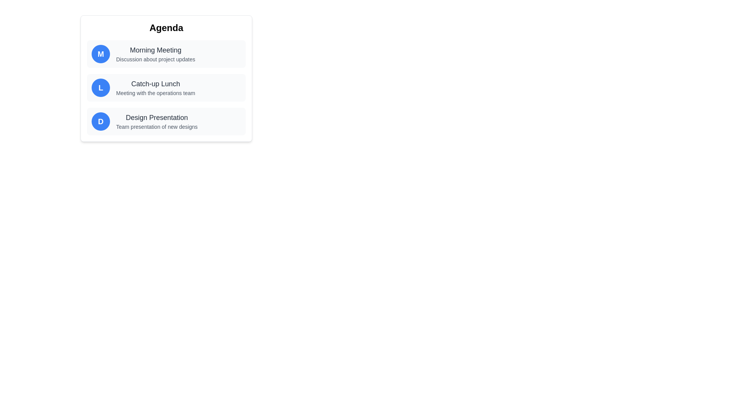 This screenshot has height=414, width=736. I want to click on the first item in the 'Agenda' list, which is a rectangular card with a light gray background, featuring a blue circular badge with the letter 'M' and the text 'Morning Meeting' and 'Discussion about project updates.', so click(166, 54).